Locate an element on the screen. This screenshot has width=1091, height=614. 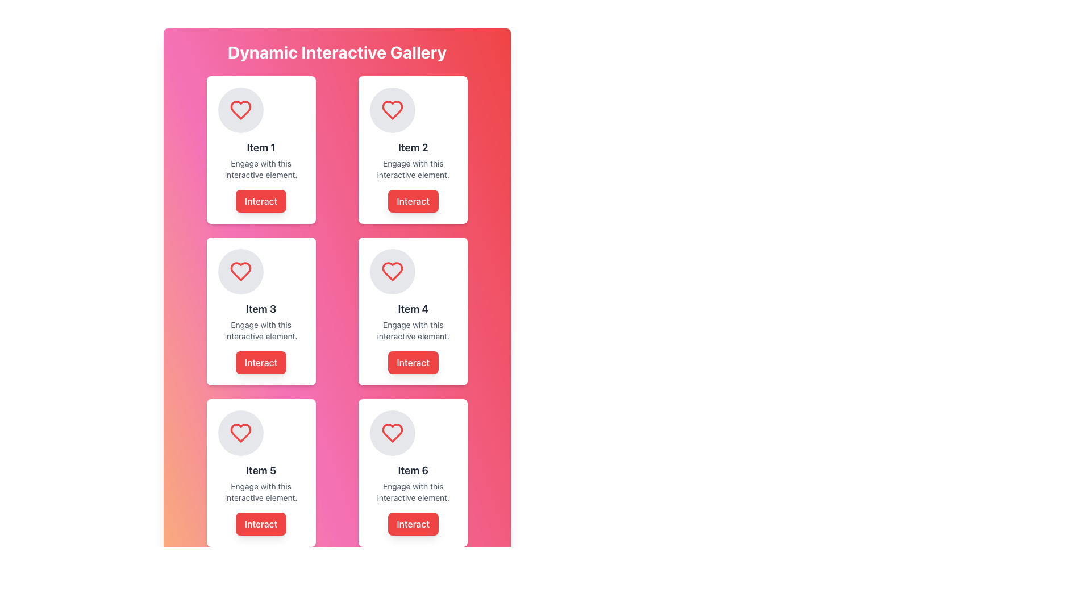
the bold text label 'Item 4' which is part of a card-like component in a grid layout, positioned below a circular red heart icon is located at coordinates (413, 309).